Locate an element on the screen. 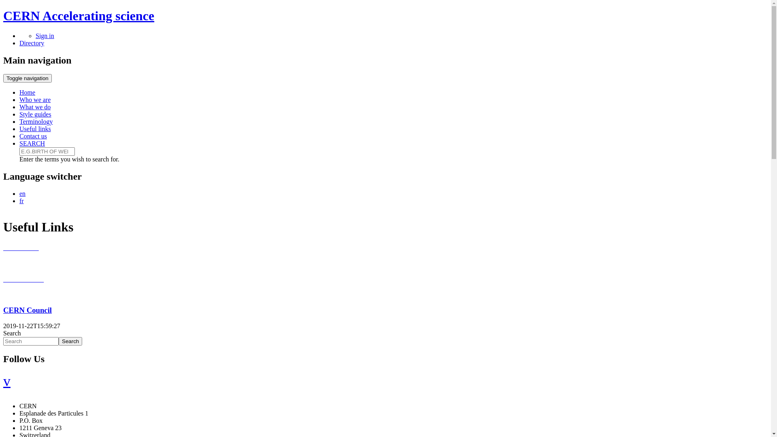 This screenshot has height=437, width=777. 'Directory' is located at coordinates (19, 43).